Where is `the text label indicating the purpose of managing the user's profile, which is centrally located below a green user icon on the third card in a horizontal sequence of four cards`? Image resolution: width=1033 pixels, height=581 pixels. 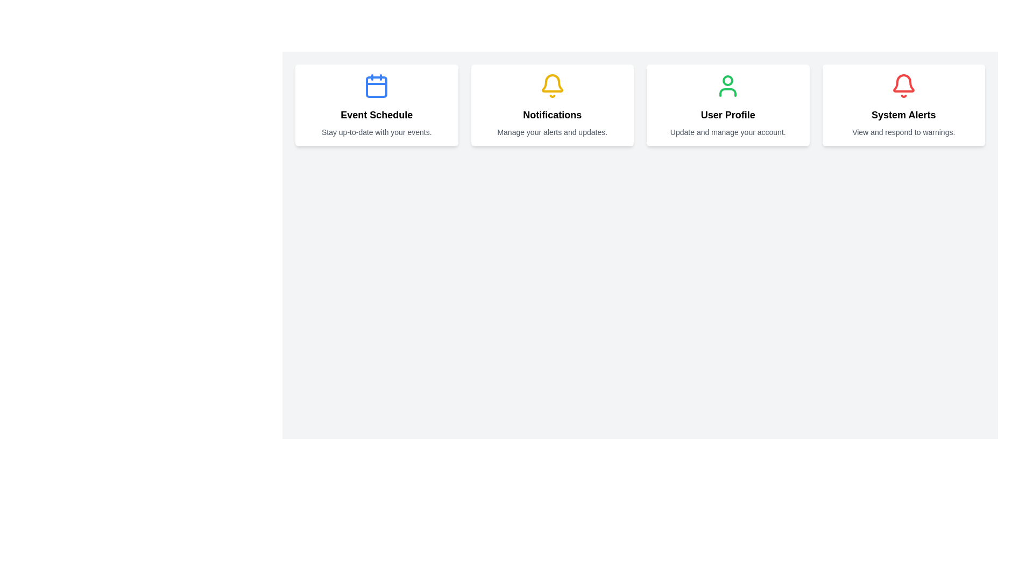
the text label indicating the purpose of managing the user's profile, which is centrally located below a green user icon on the third card in a horizontal sequence of four cards is located at coordinates (728, 115).